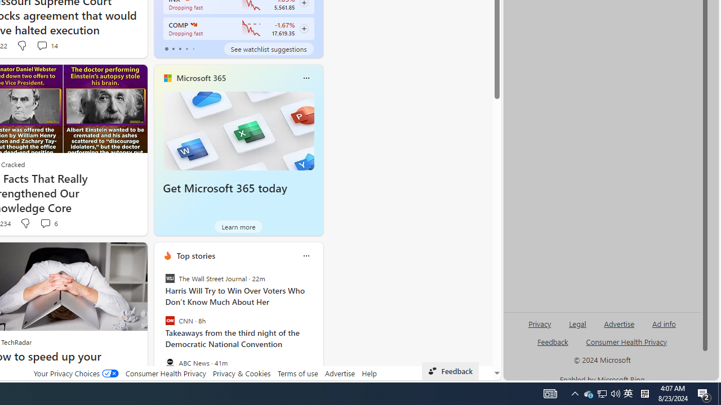 Image resolution: width=721 pixels, height=405 pixels. What do you see at coordinates (268, 48) in the screenshot?
I see `'See watchlist suggestions'` at bounding box center [268, 48].